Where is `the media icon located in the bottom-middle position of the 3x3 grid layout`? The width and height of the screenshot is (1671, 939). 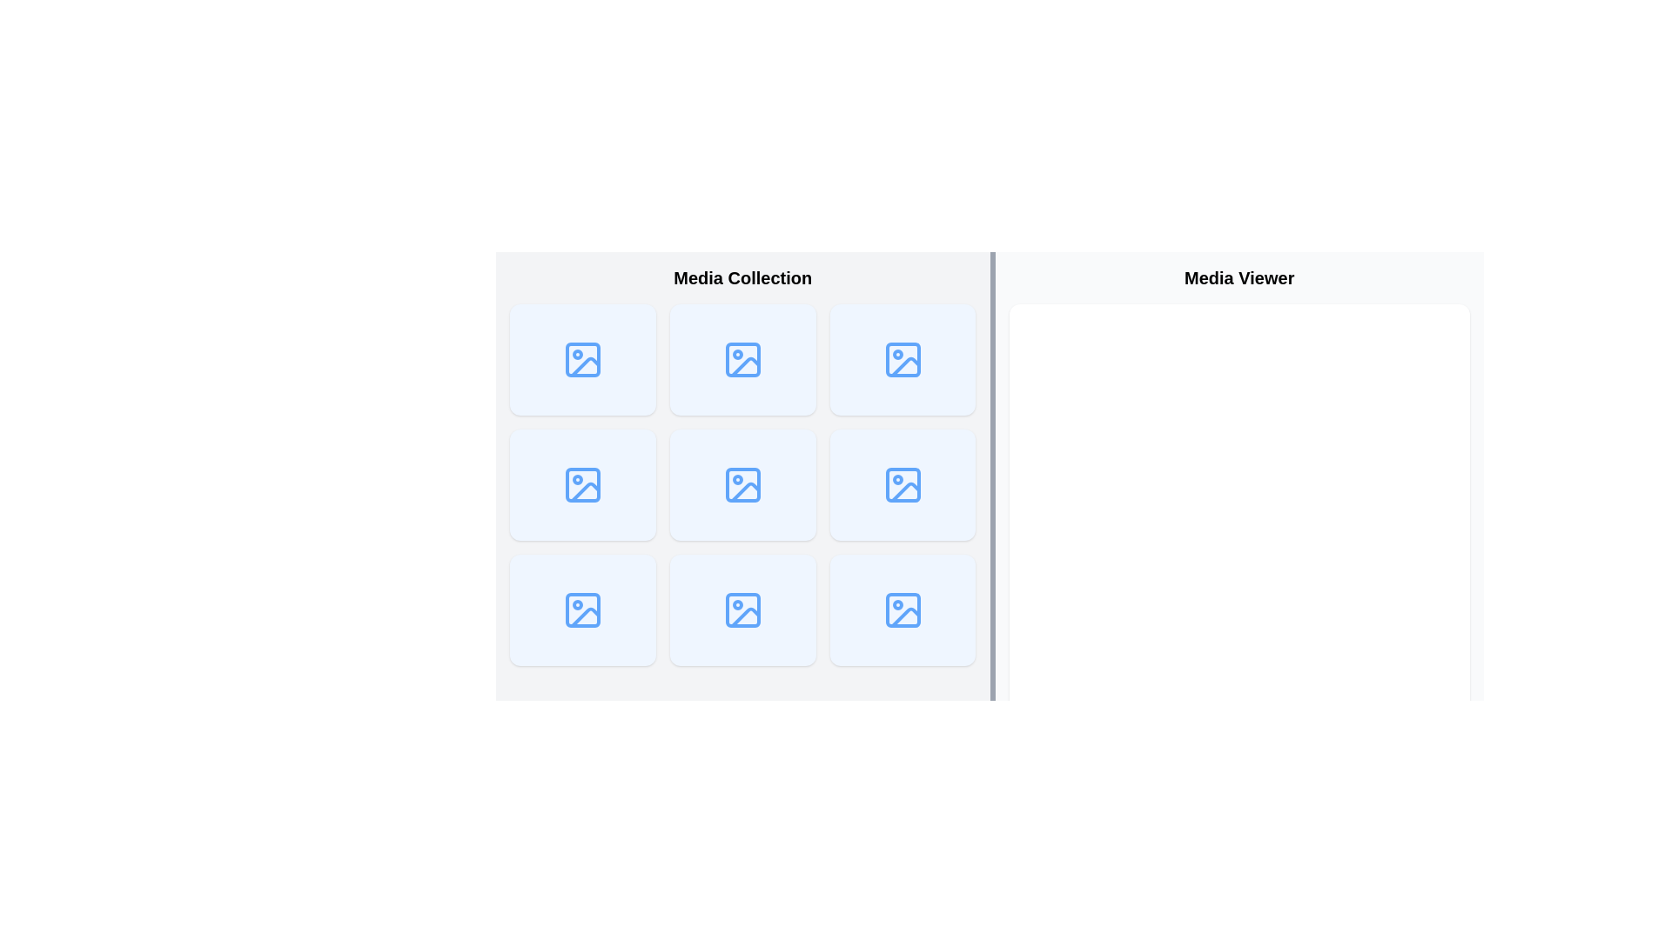
the media icon located in the bottom-middle position of the 3x3 grid layout is located at coordinates (742, 609).